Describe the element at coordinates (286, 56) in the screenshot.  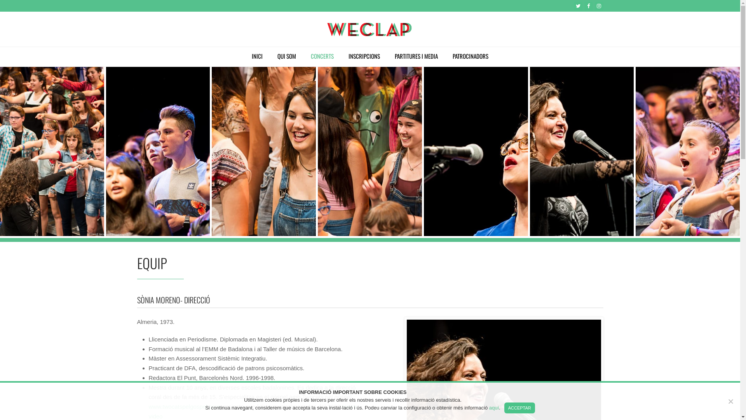
I see `'QUI SOM'` at that location.